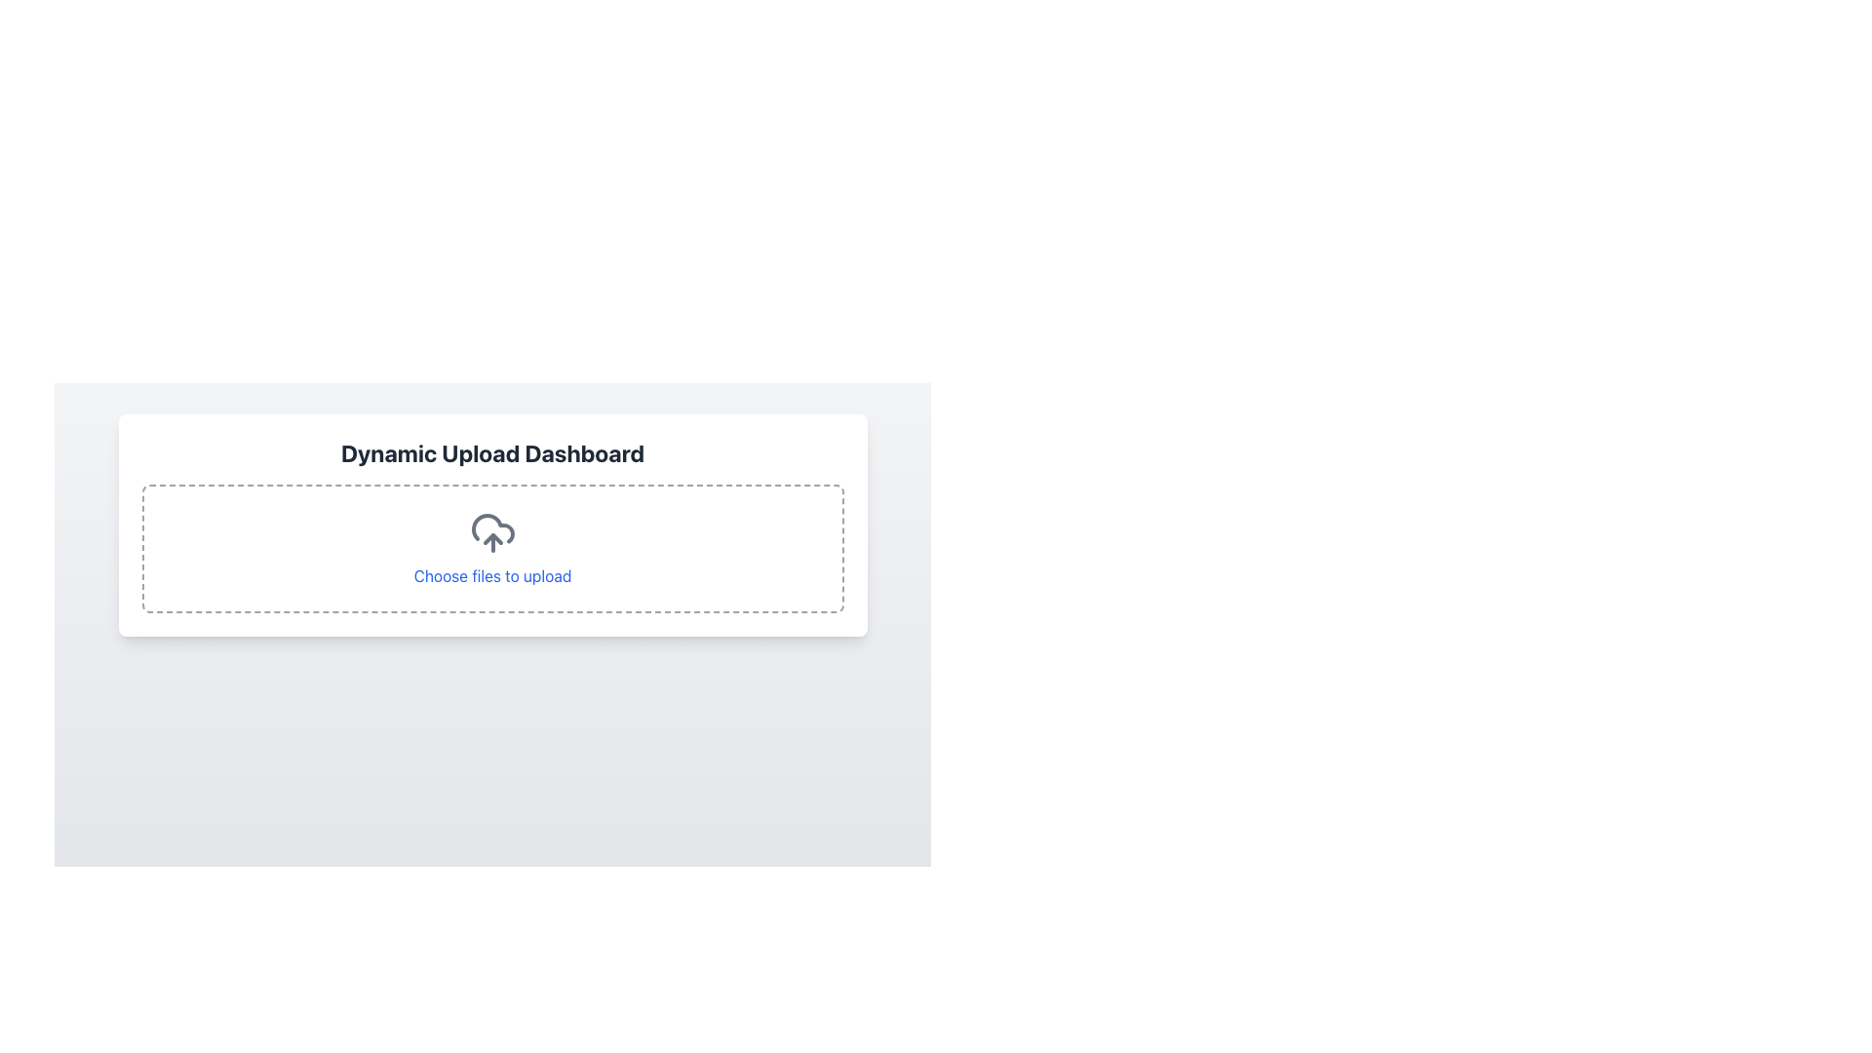 This screenshot has width=1872, height=1053. Describe the element at coordinates (492, 549) in the screenshot. I see `the File upload area, which is a dashed rectangular border with rounded corners and features a cloud icon with an upward arrow, along with the text 'Choose files to upload' in blue` at that location.